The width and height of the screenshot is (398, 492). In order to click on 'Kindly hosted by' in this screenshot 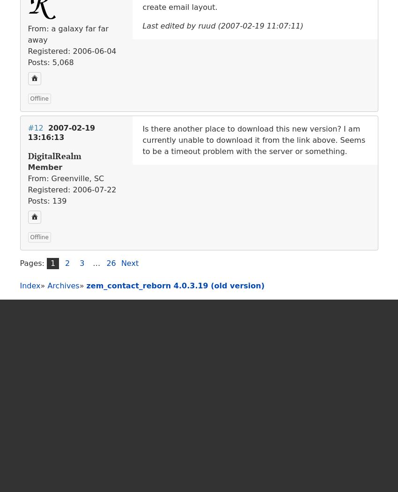, I will do `click(323, 387)`.